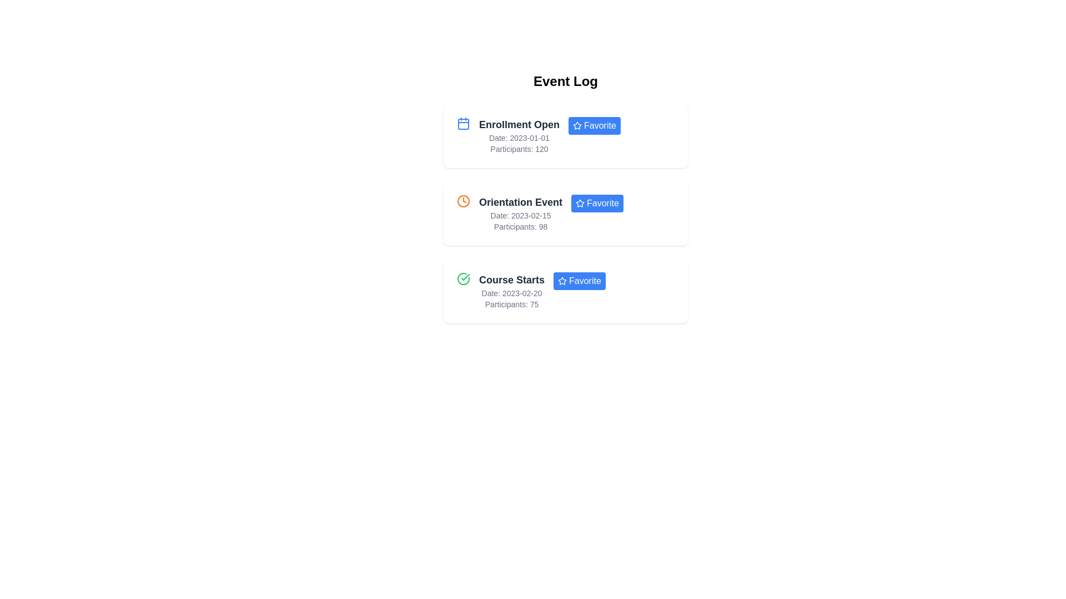 Image resolution: width=1066 pixels, height=599 pixels. I want to click on the text display that shows 'Participants: 75', located at the bottom of the 'Course Starts' block, so click(511, 304).